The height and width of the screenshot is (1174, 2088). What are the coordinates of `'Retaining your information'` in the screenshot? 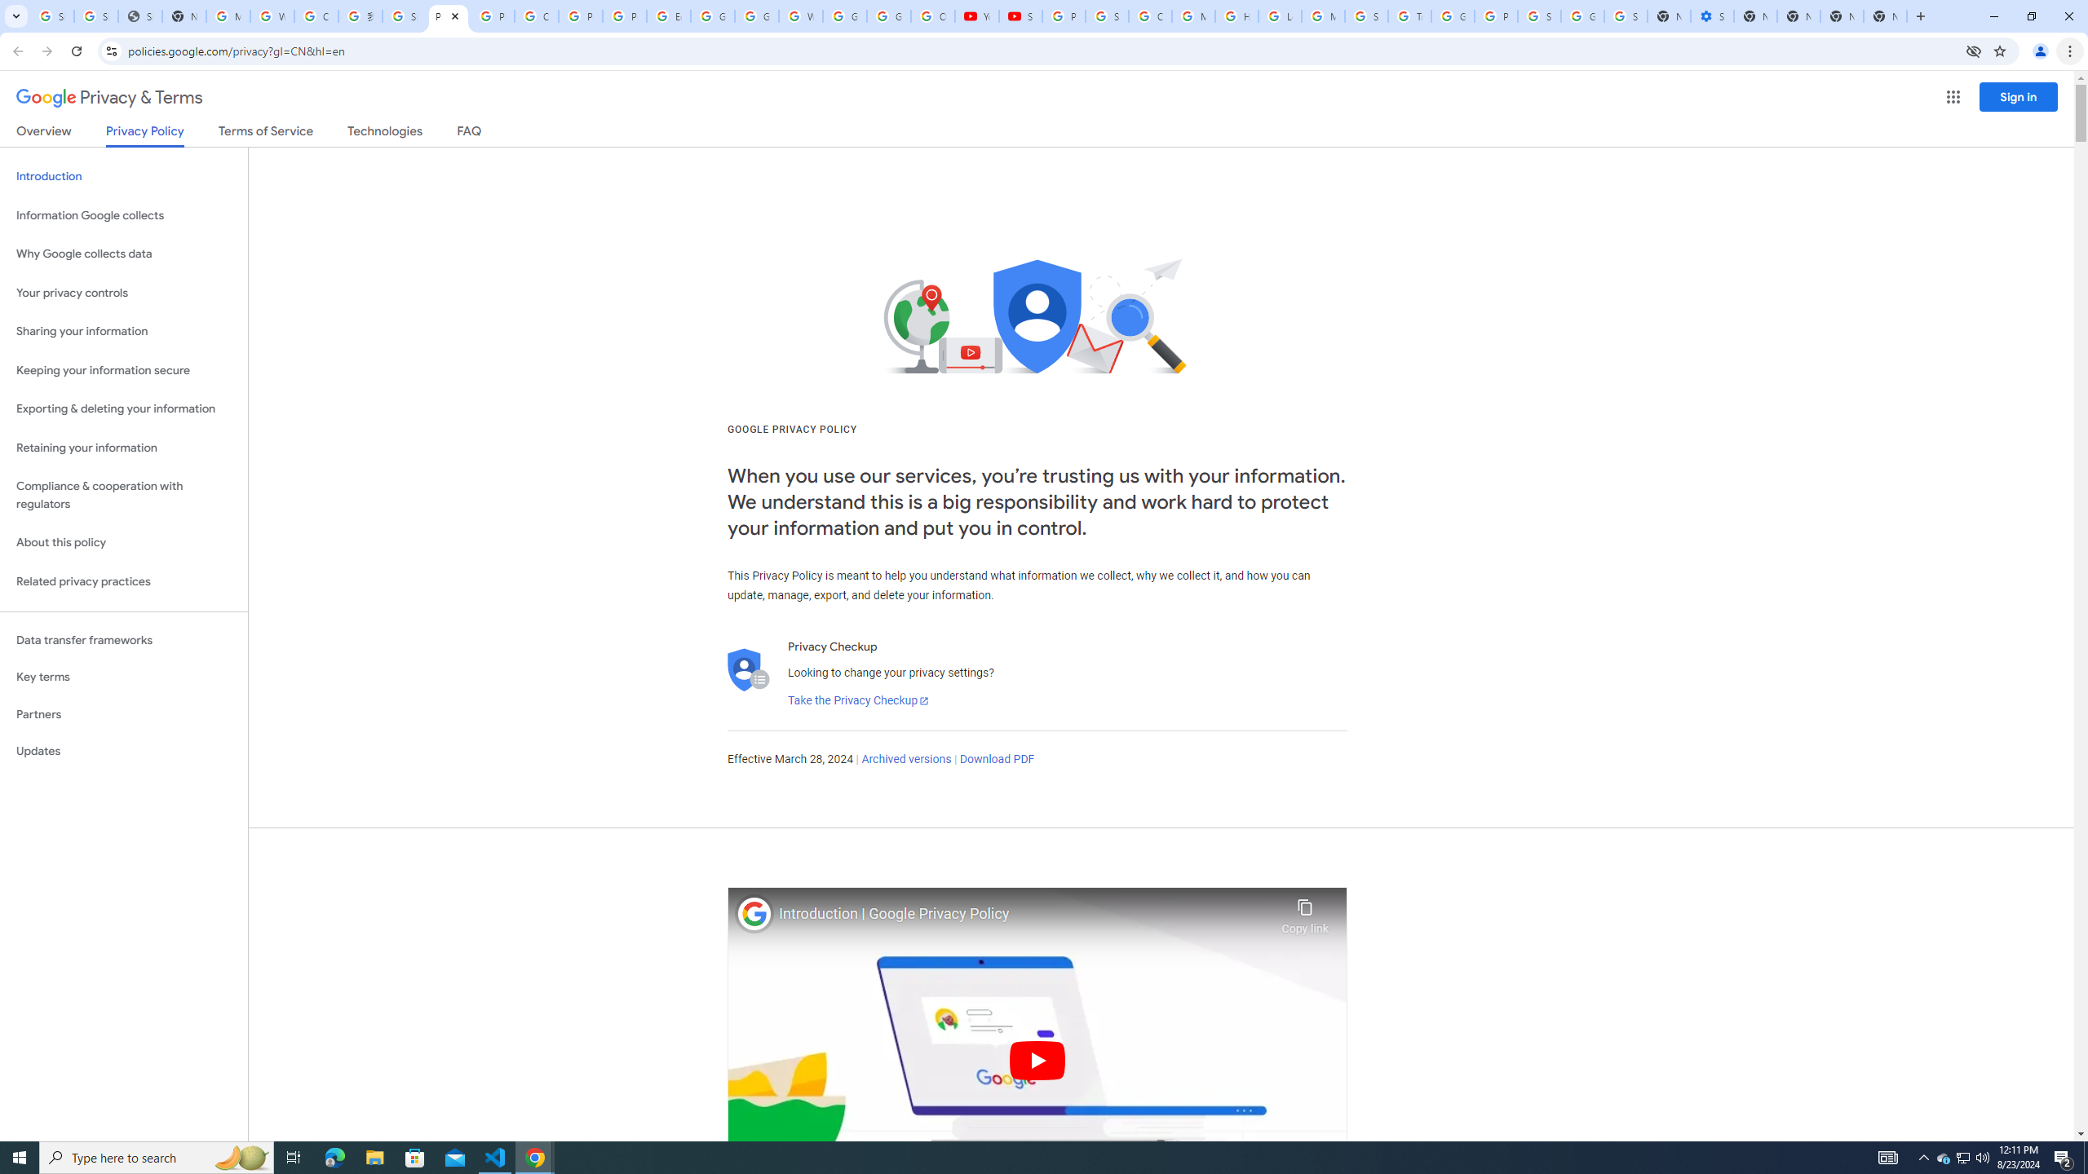 It's located at (123, 448).